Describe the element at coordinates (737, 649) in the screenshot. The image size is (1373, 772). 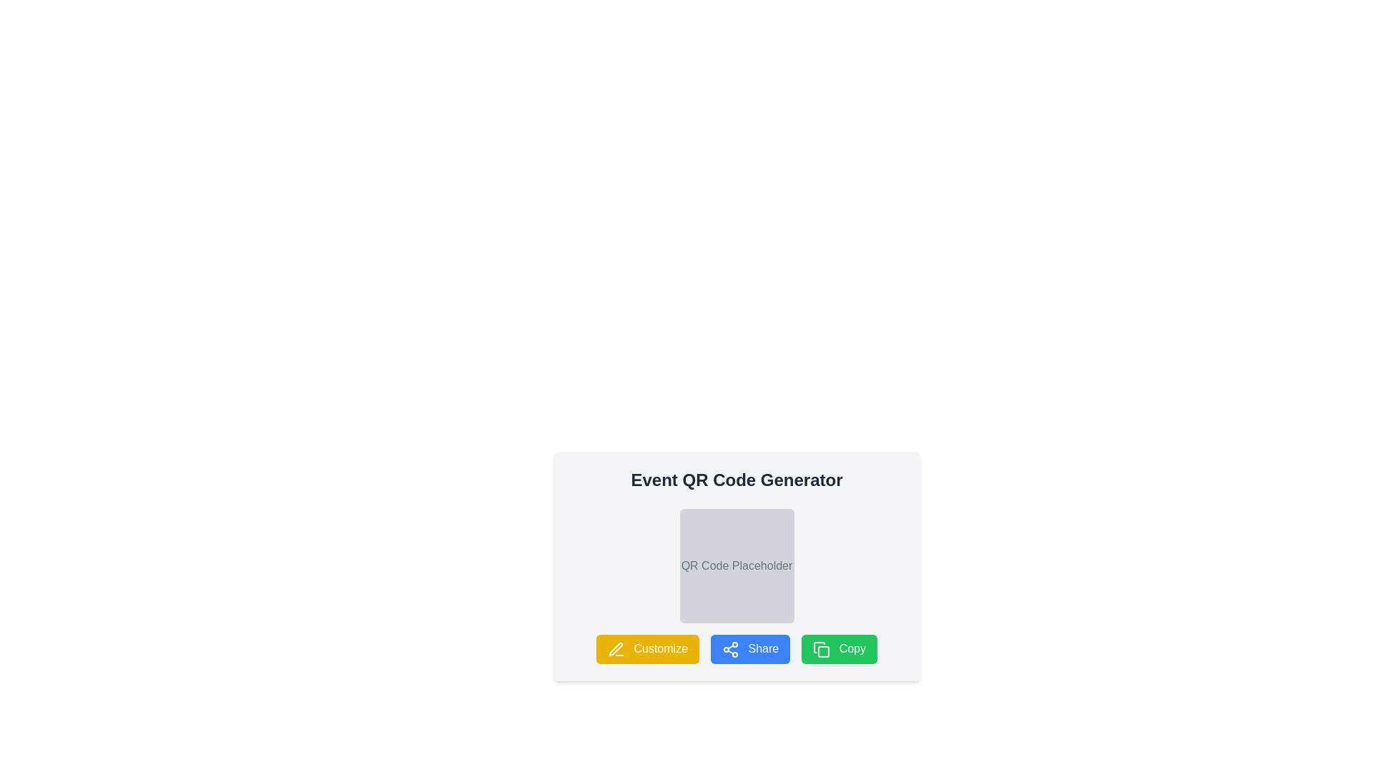
I see `the share button, which is the second button in a row of three, located below the QR code placeholder and between the 'Customize' (yellow) and 'Copy' (green) buttons` at that location.